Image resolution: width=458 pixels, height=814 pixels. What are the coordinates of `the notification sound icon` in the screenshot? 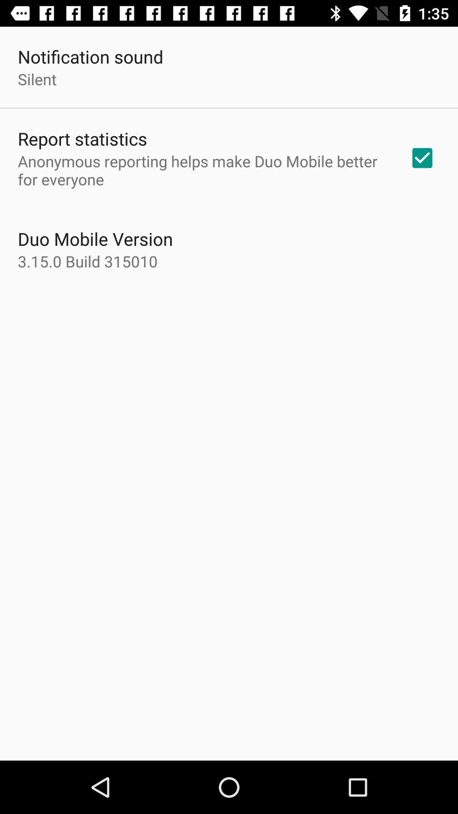 It's located at (90, 56).